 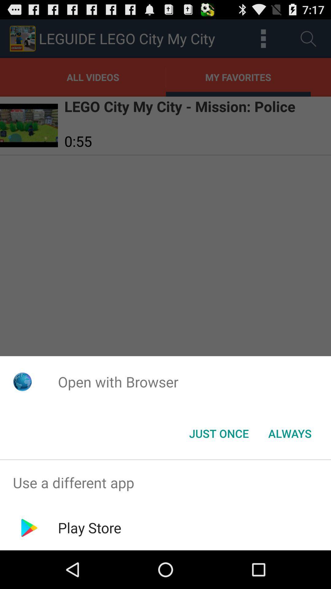 What do you see at coordinates (165, 482) in the screenshot?
I see `the use a different` at bounding box center [165, 482].